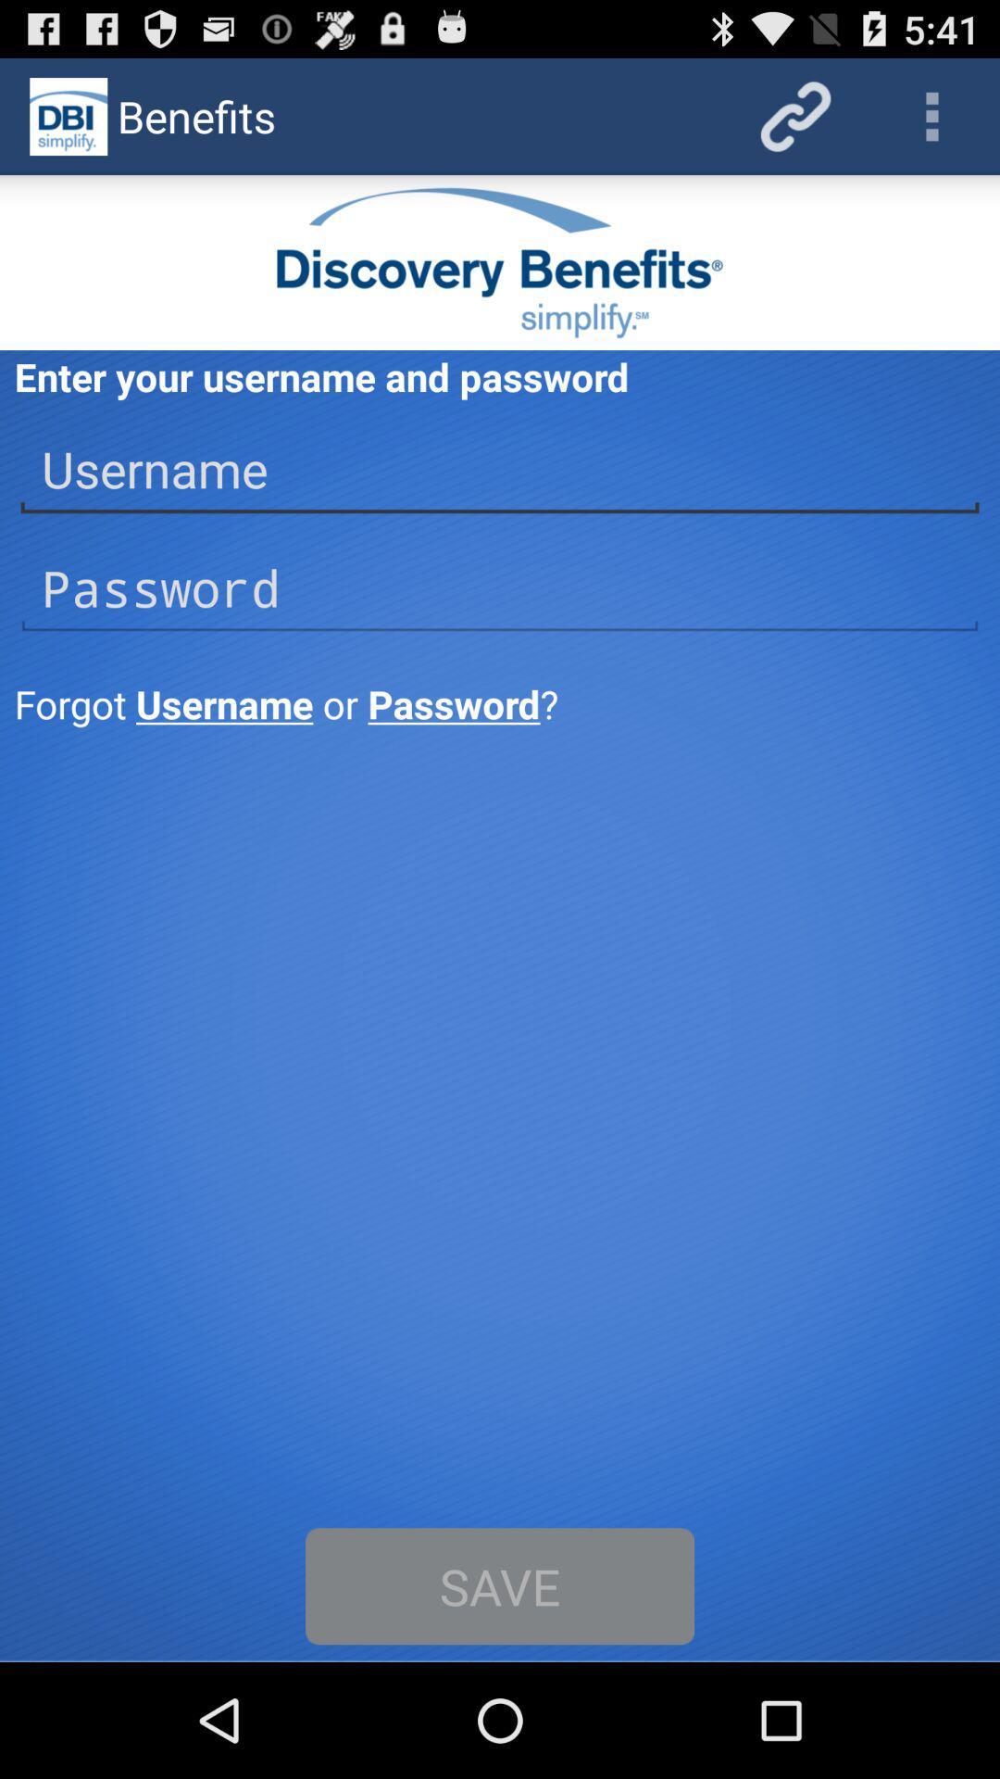 The width and height of the screenshot is (1000, 1779). I want to click on input username, so click(500, 470).